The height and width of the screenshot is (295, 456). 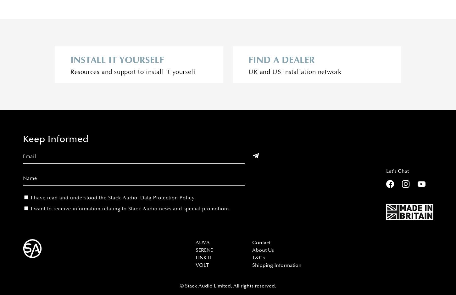 What do you see at coordinates (261, 242) in the screenshot?
I see `'Contact'` at bounding box center [261, 242].